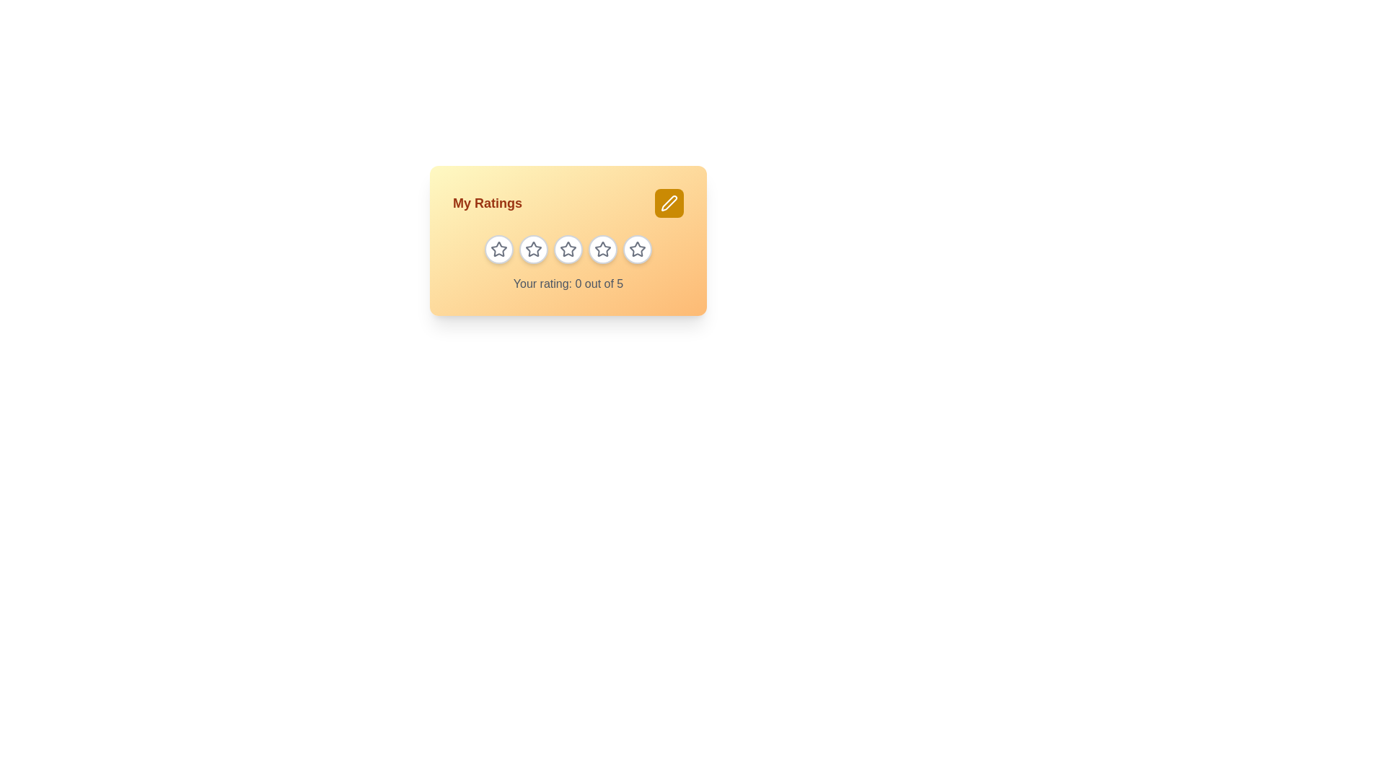 Image resolution: width=1385 pixels, height=779 pixels. I want to click on the first rating button, which is a circular button with a star icon, located within the 'My Ratings' section, so click(498, 249).